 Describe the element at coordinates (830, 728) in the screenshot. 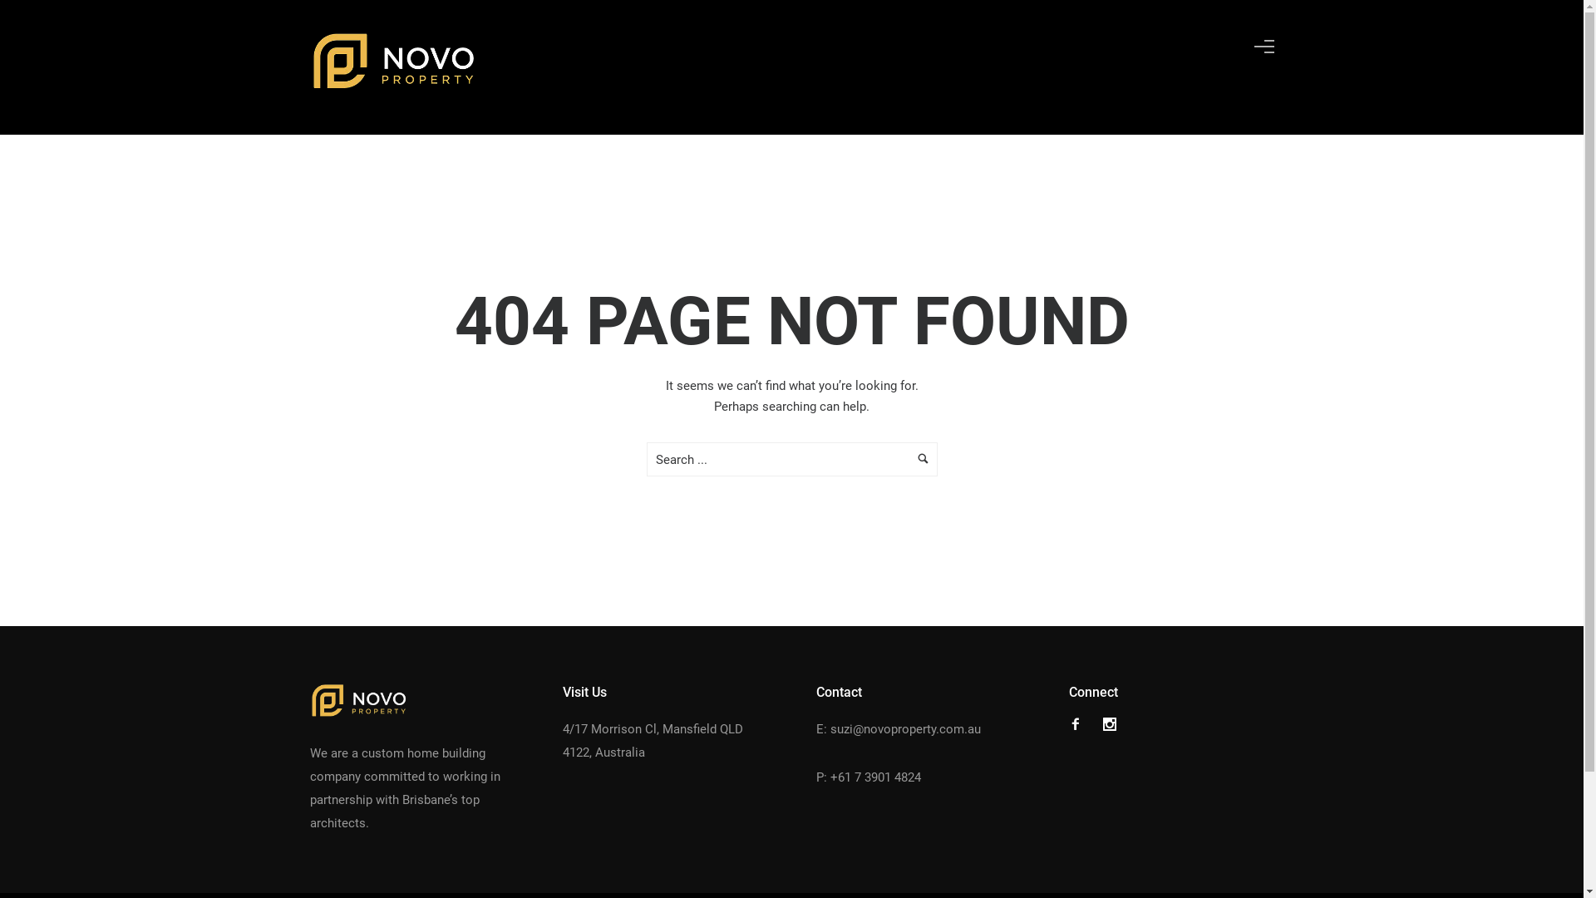

I see `'suzi@novoproperty.com.au'` at that location.